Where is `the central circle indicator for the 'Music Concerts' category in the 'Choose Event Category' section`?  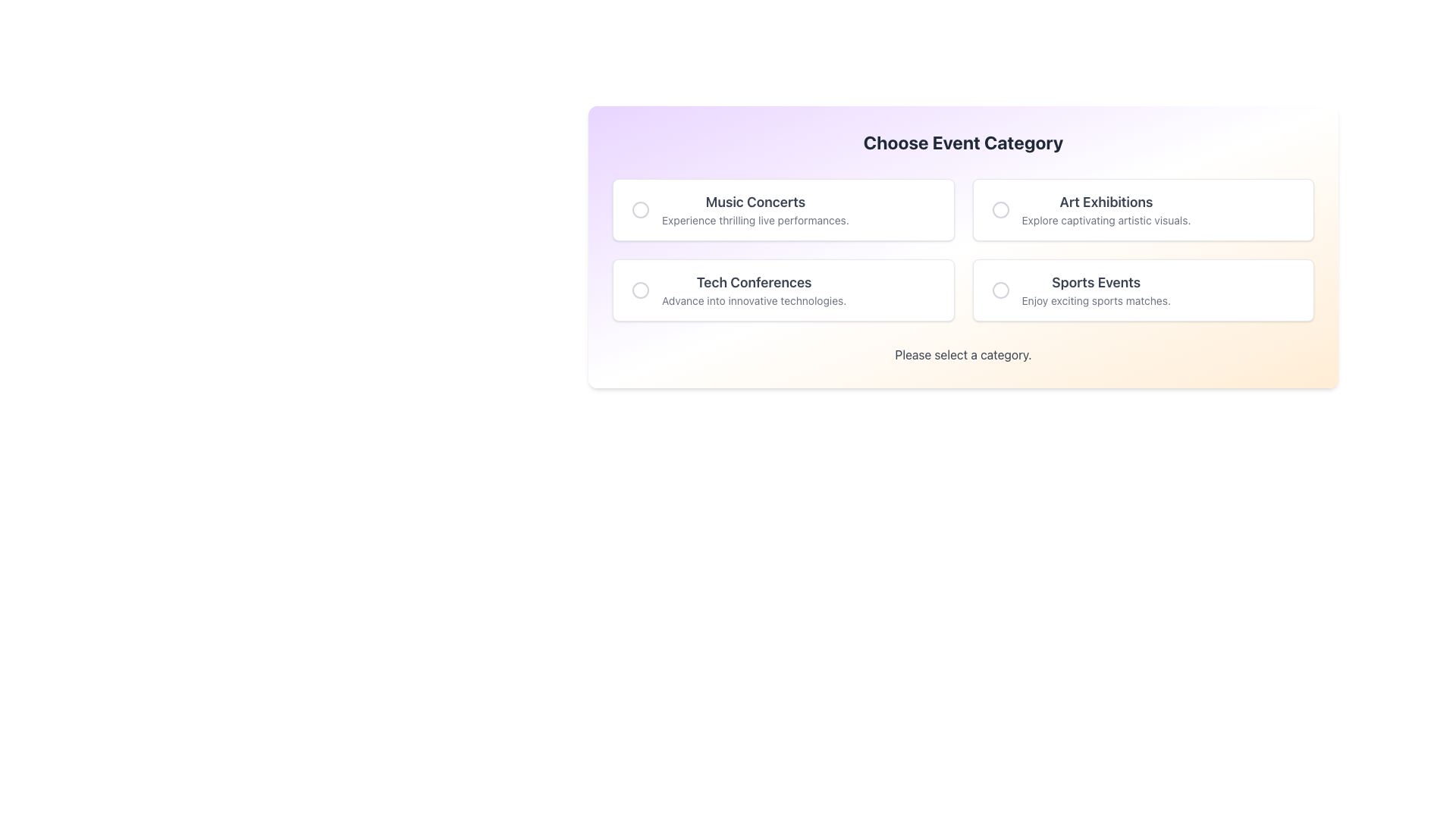 the central circle indicator for the 'Music Concerts' category in the 'Choose Event Category' section is located at coordinates (640, 210).